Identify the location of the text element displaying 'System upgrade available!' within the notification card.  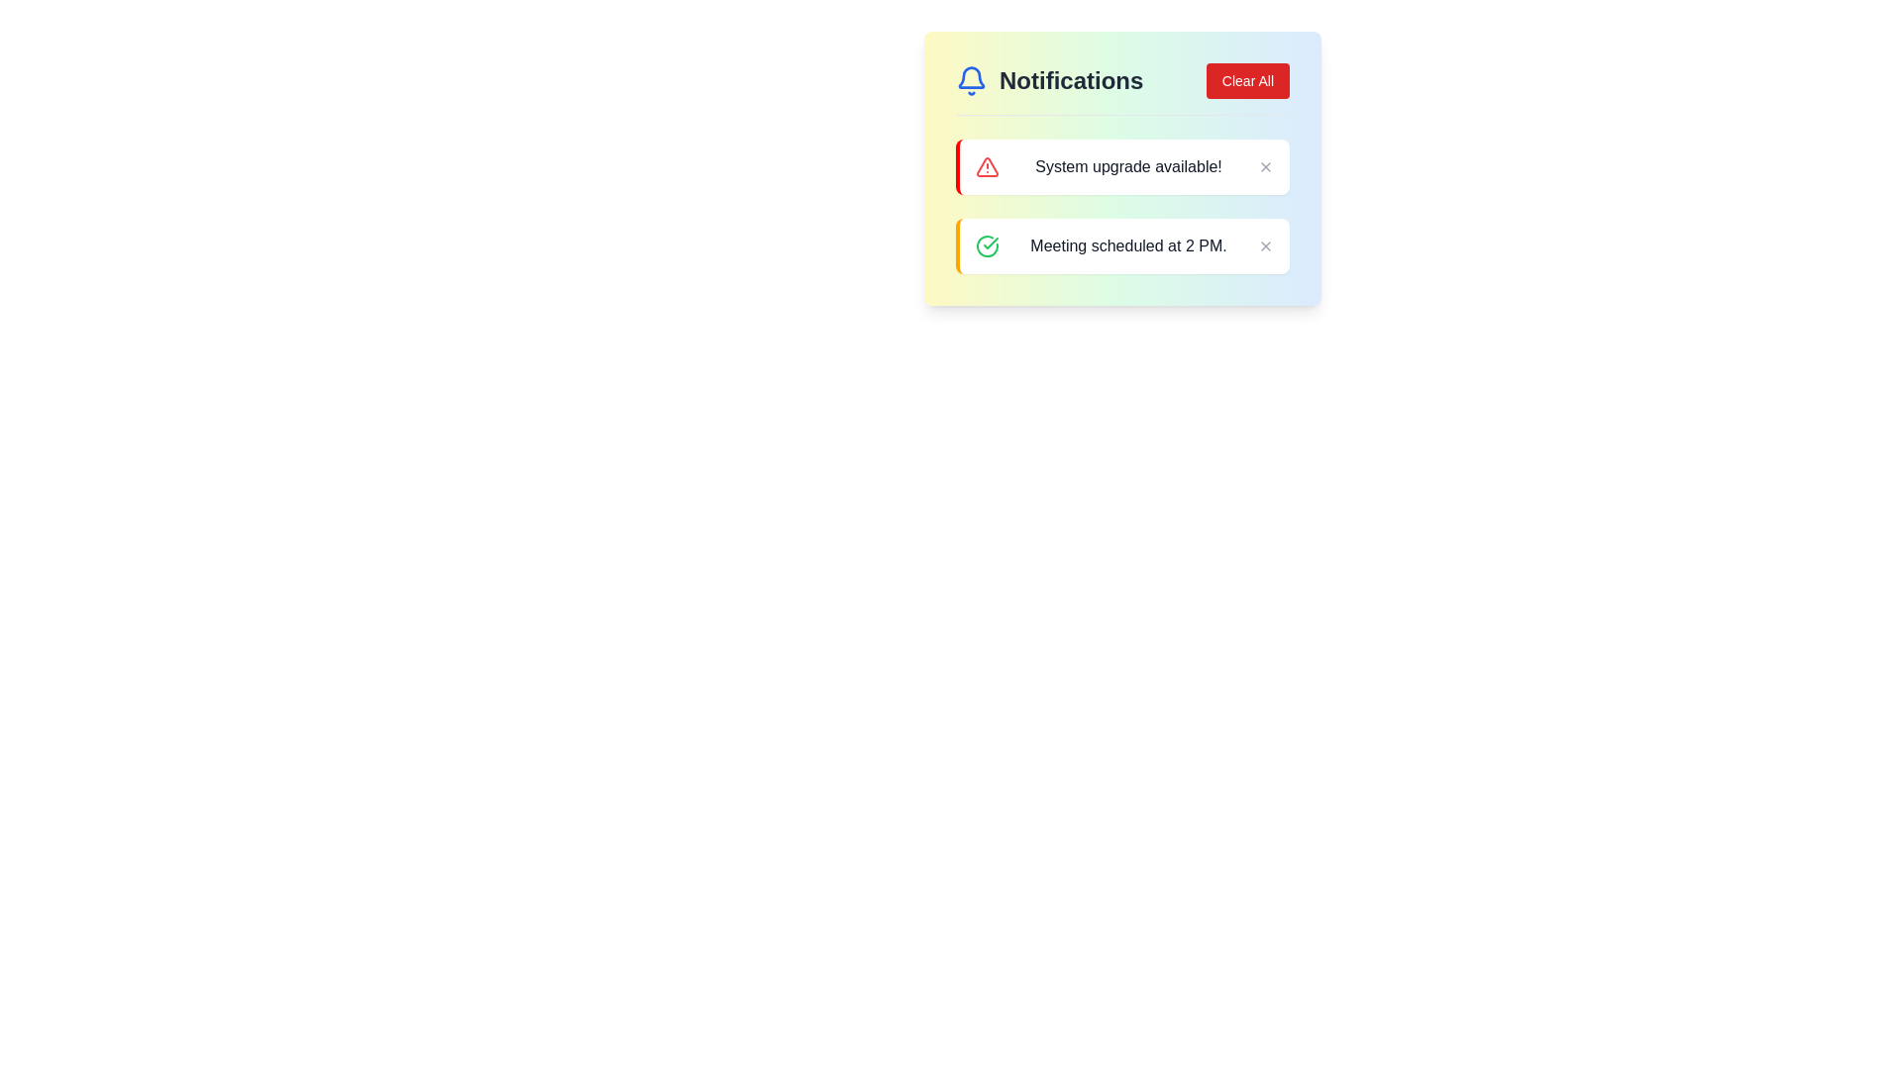
(1128, 166).